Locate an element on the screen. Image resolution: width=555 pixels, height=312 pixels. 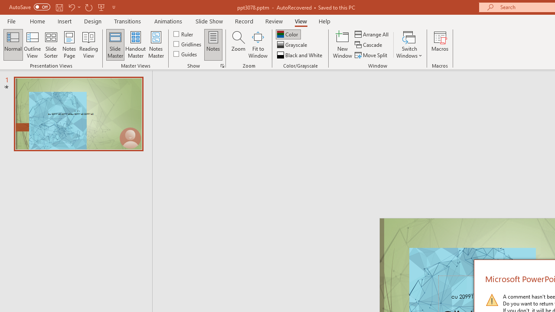
'Fit to Window' is located at coordinates (258, 45).